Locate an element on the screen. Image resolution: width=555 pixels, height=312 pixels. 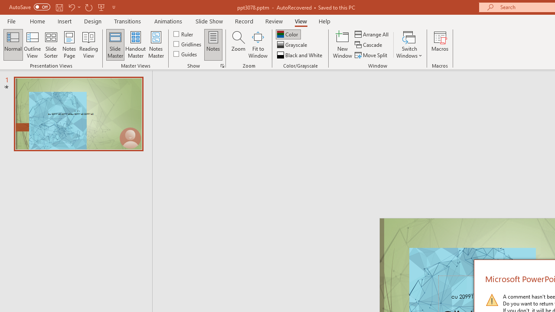
'Fit to Window' is located at coordinates (258, 45).